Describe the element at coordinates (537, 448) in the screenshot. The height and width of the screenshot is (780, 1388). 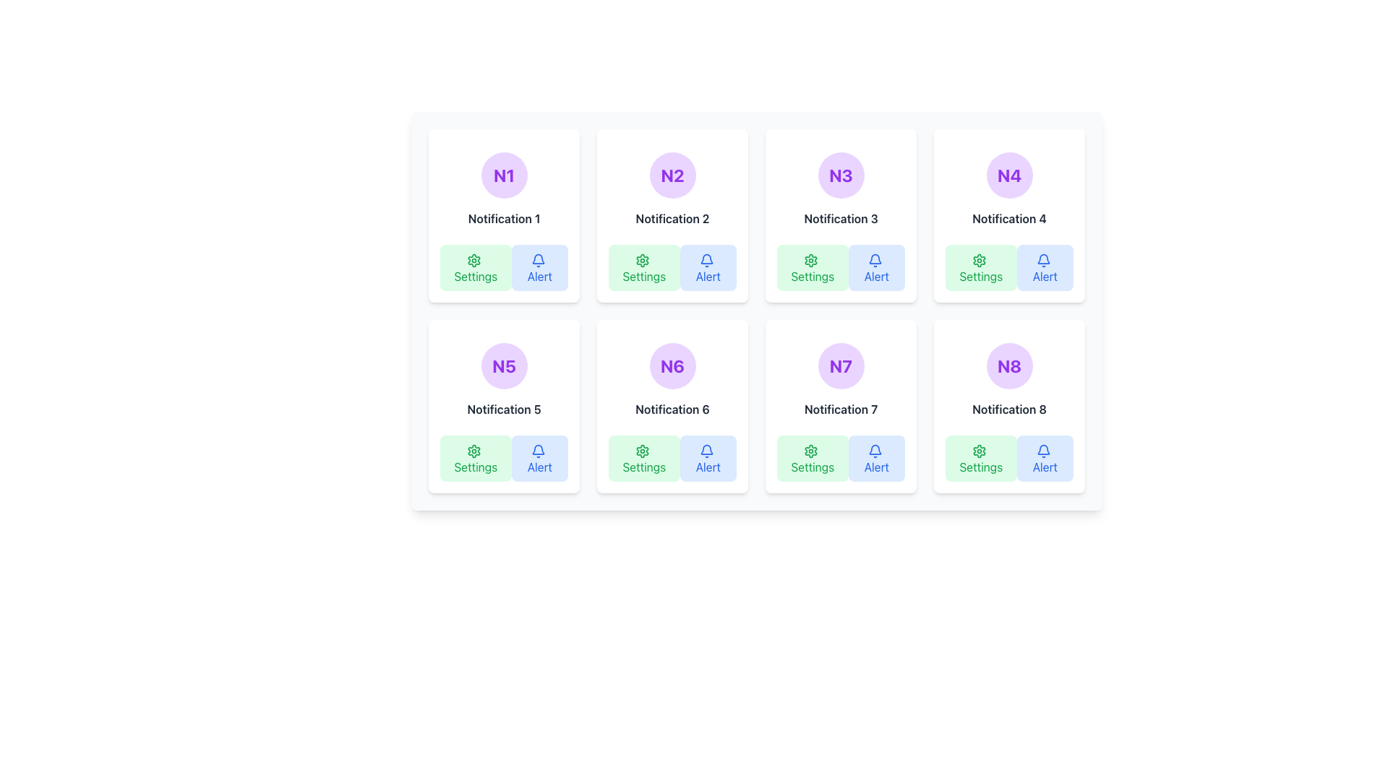
I see `the alert icon located` at that location.